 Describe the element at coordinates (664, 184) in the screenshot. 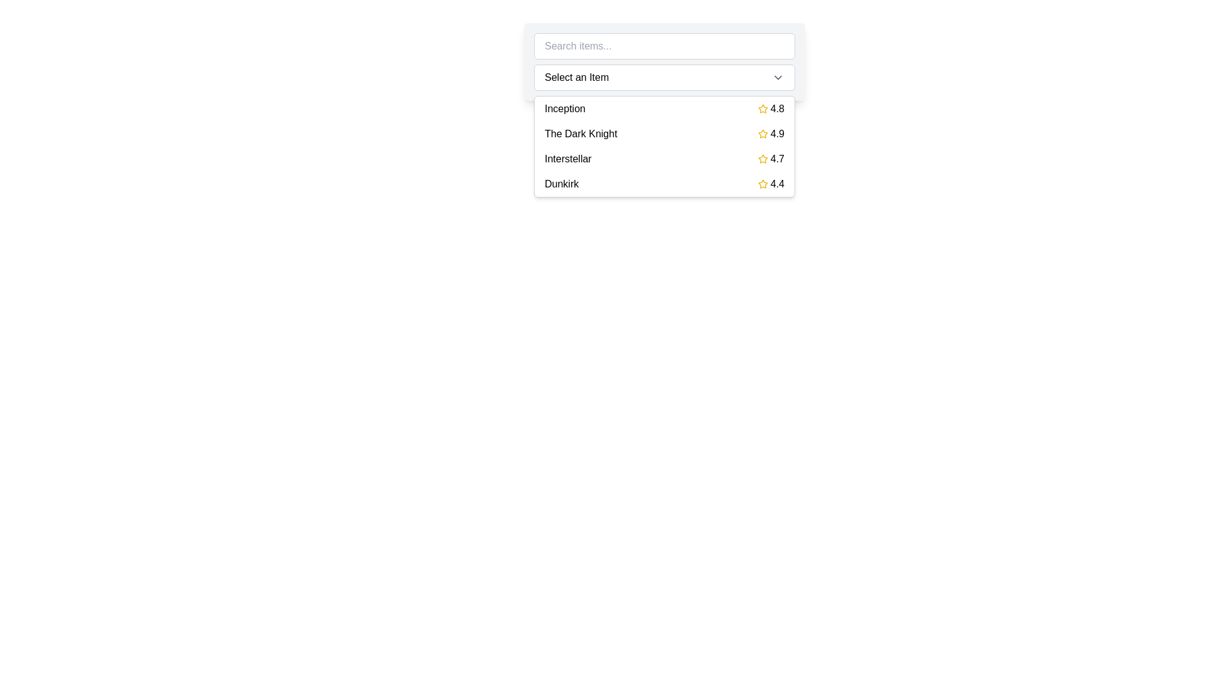

I see `the list item labeled 'Dunkirk' within the dropdown menu` at that location.